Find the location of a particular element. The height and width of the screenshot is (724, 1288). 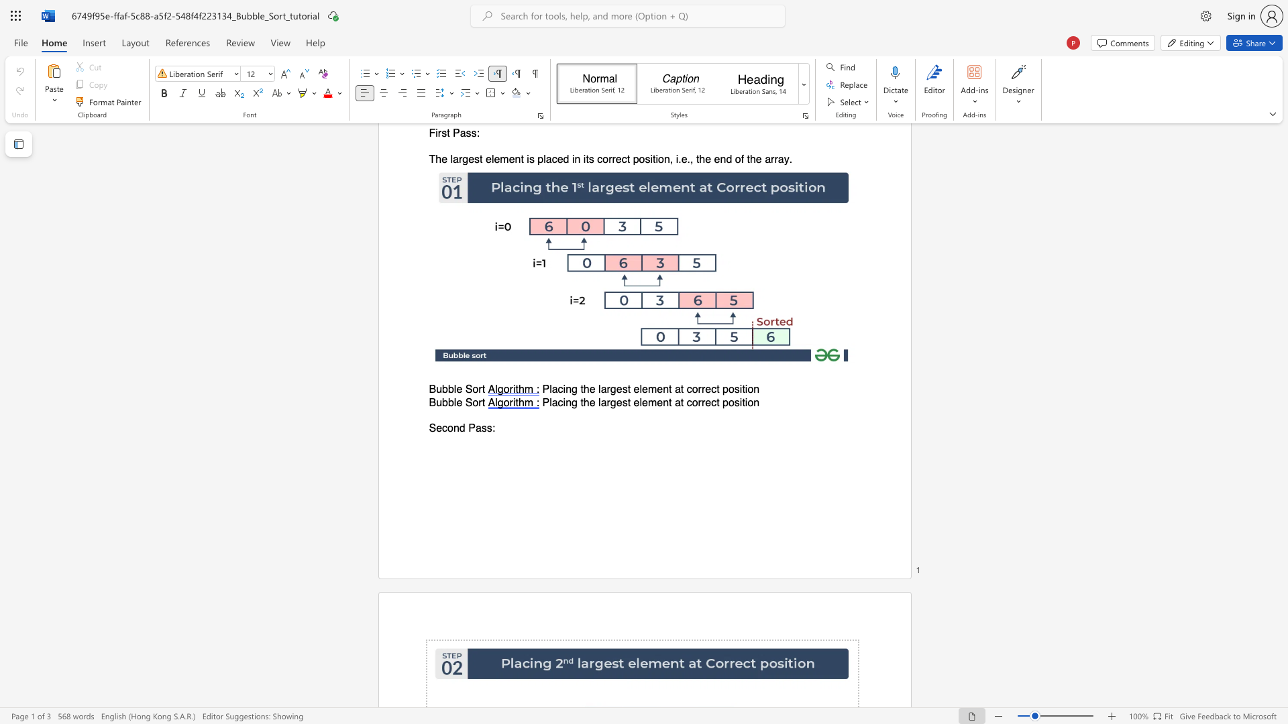

the 1th character "S" in the text is located at coordinates (432, 428).